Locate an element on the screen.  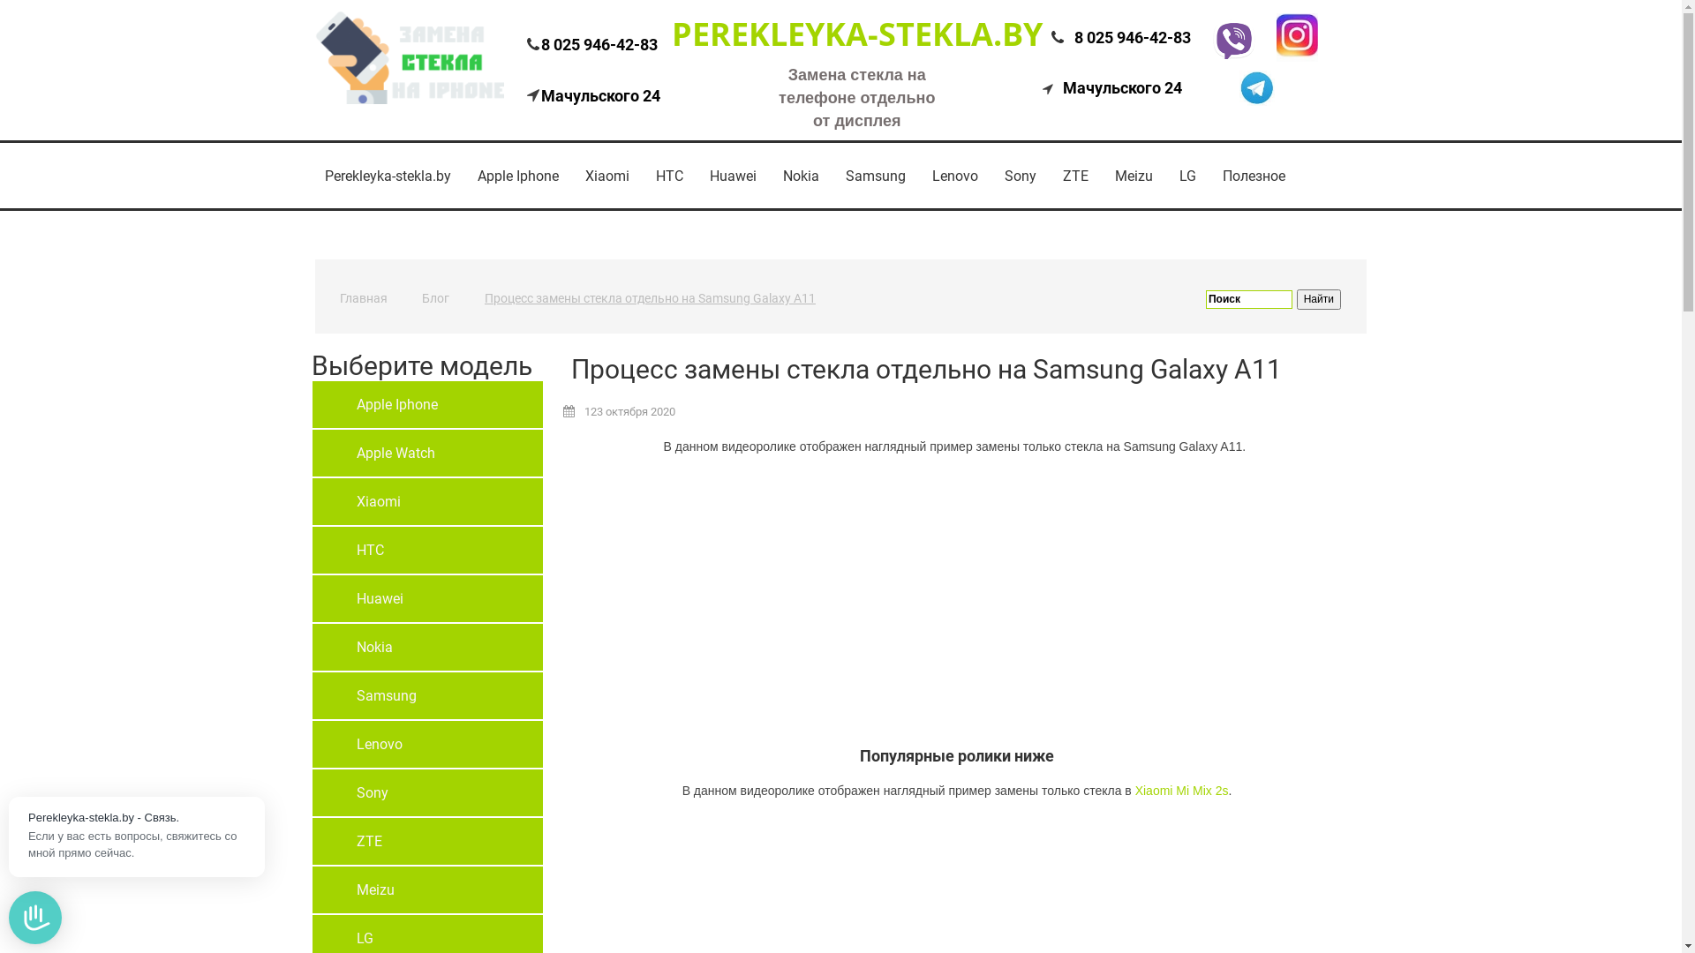
'ZTE' is located at coordinates (1073, 176).